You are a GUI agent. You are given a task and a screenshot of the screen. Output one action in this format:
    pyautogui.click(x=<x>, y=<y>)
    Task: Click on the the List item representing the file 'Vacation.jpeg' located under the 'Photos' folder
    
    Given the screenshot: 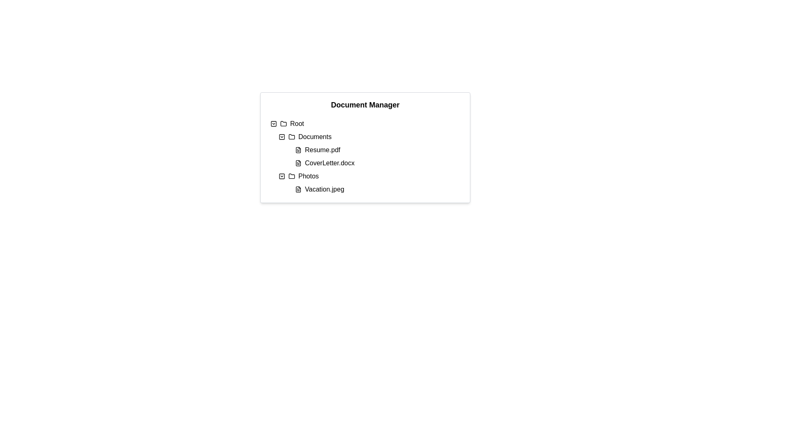 What is the action you would take?
    pyautogui.click(x=377, y=190)
    